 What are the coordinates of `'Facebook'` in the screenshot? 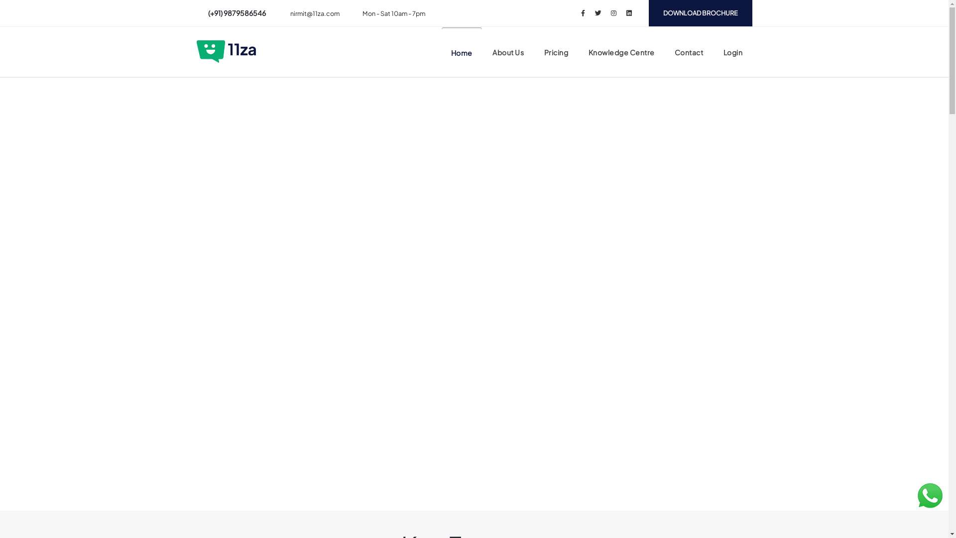 It's located at (583, 13).